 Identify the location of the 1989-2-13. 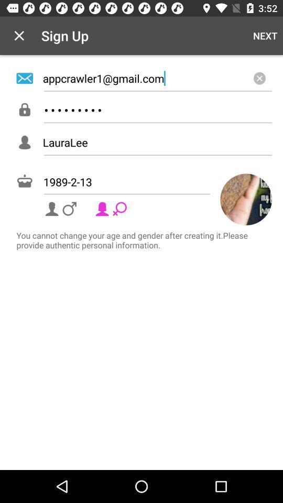
(144, 182).